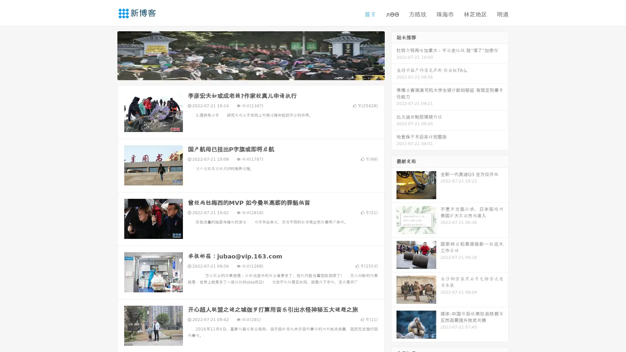 The width and height of the screenshot is (626, 352). I want to click on Go to slide 3, so click(257, 73).